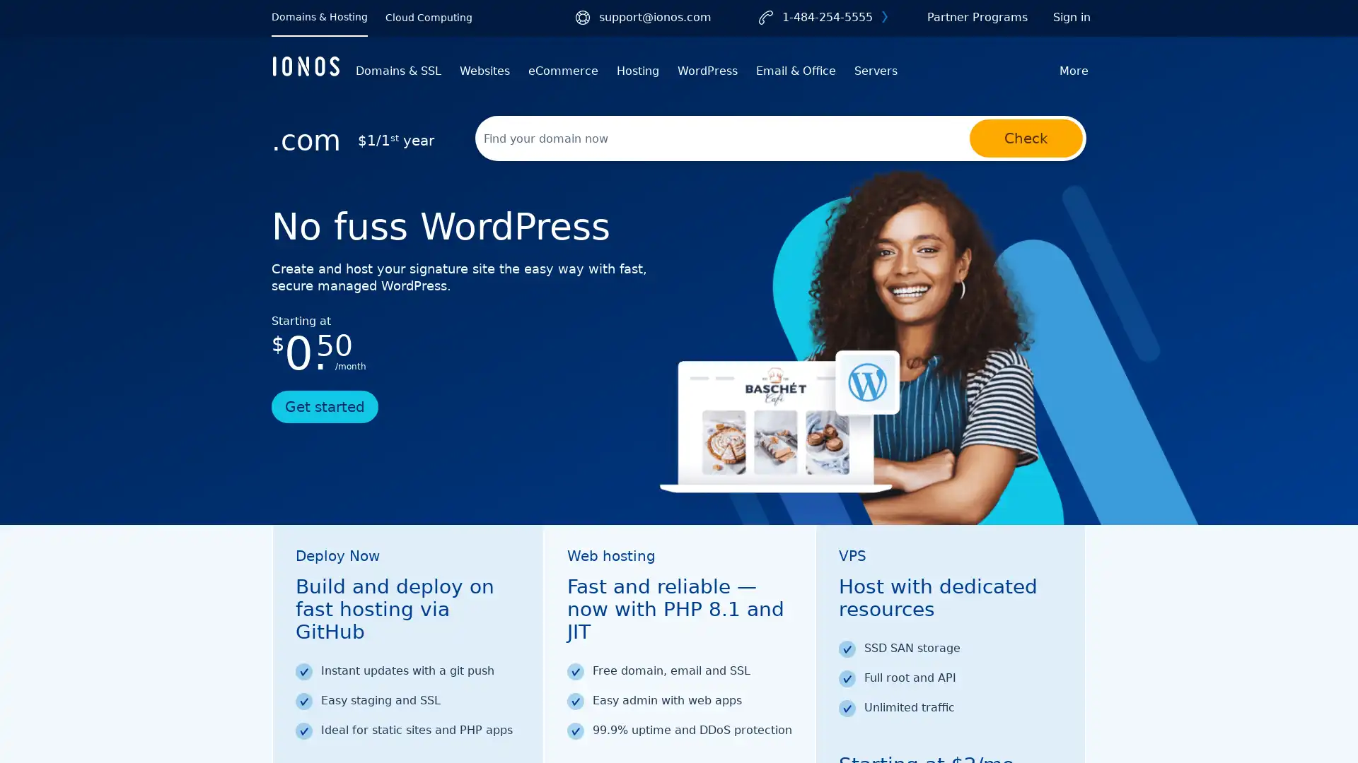  What do you see at coordinates (1074, 71) in the screenshot?
I see `More` at bounding box center [1074, 71].